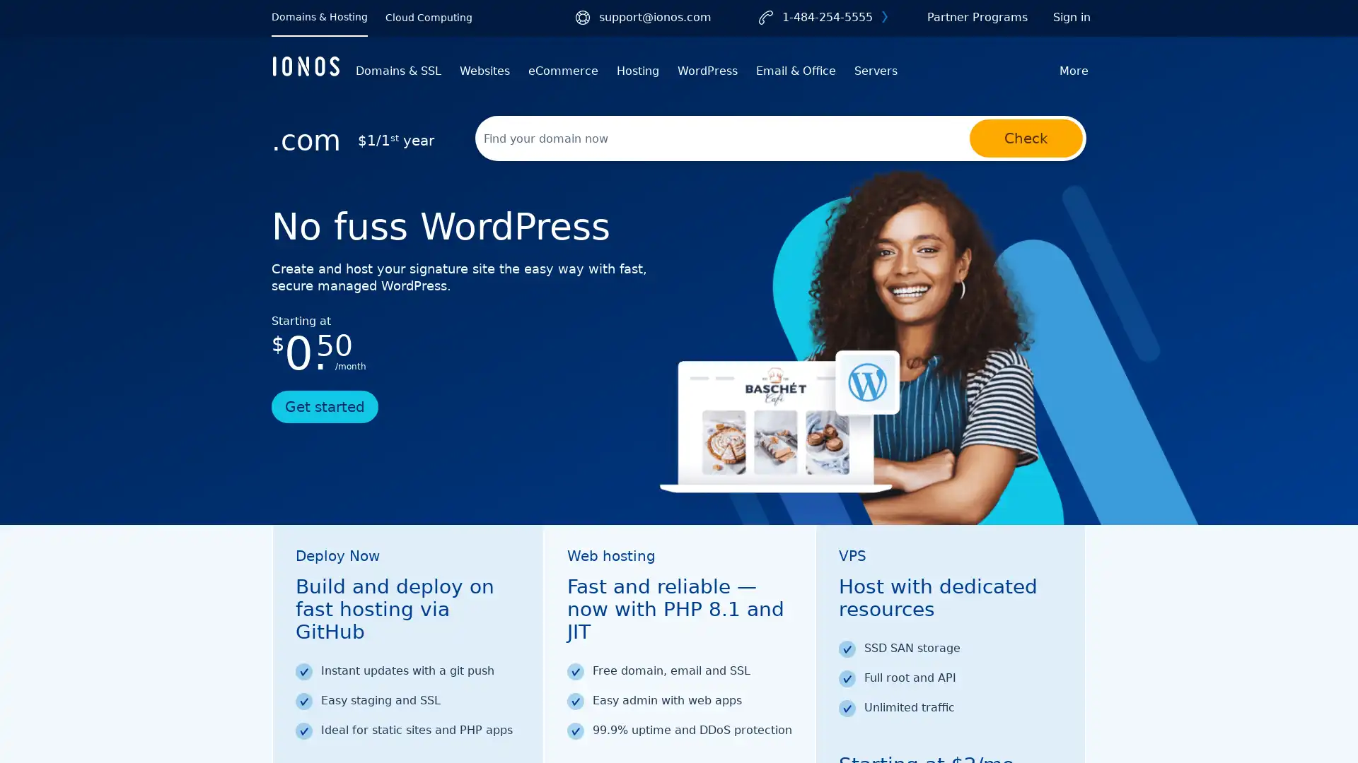  What do you see at coordinates (1074, 71) in the screenshot?
I see `More` at bounding box center [1074, 71].